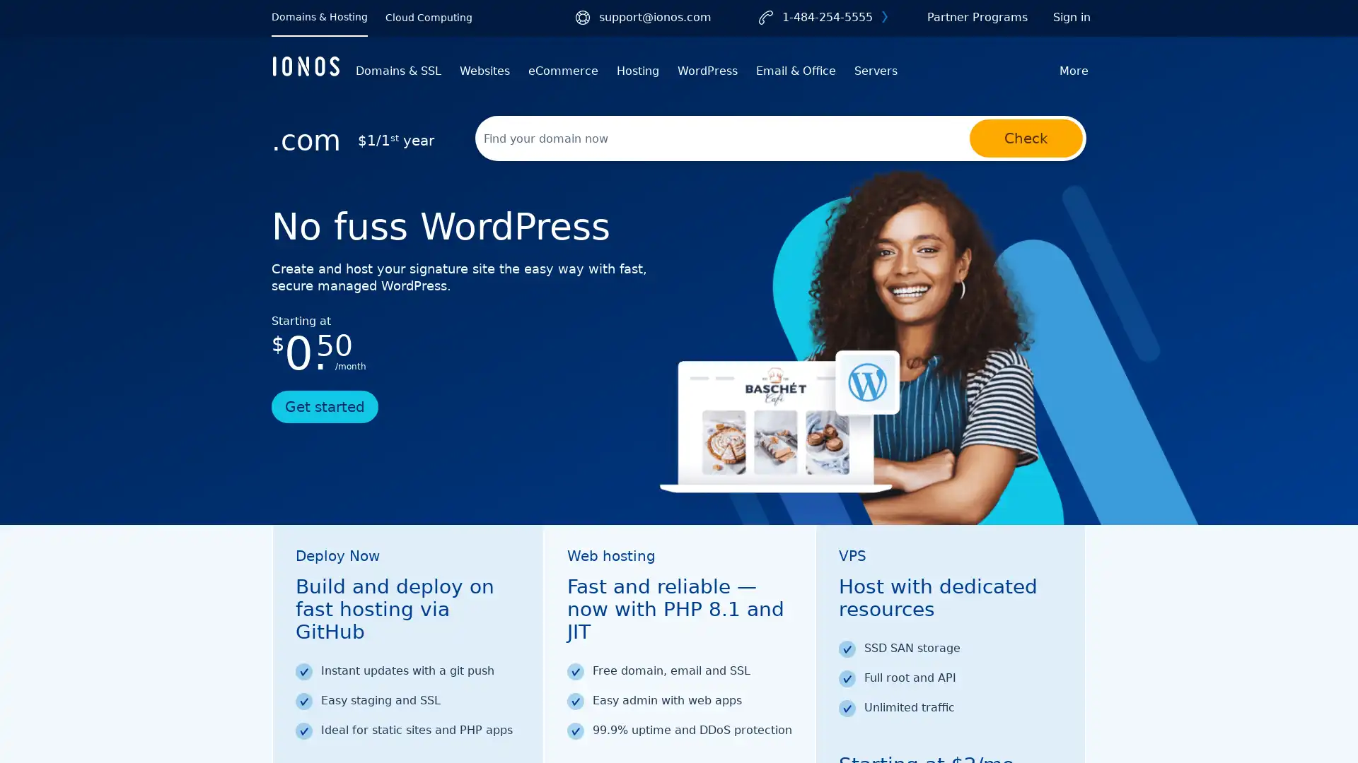  What do you see at coordinates (1074, 71) in the screenshot?
I see `More` at bounding box center [1074, 71].